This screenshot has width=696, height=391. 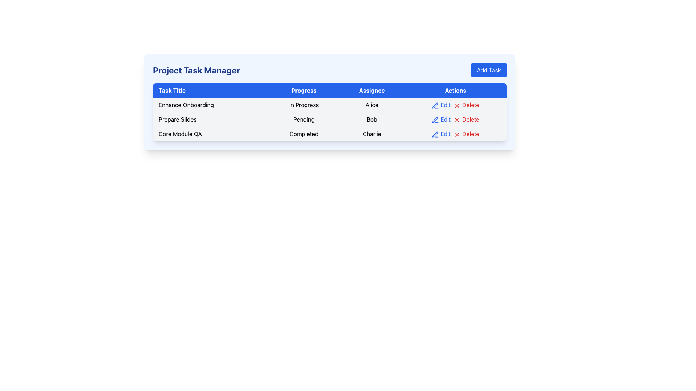 What do you see at coordinates (304, 134) in the screenshot?
I see `the 'Completed' label in the 'Progress' column of the task 'Core Module QA', located in the third row of the table` at bounding box center [304, 134].